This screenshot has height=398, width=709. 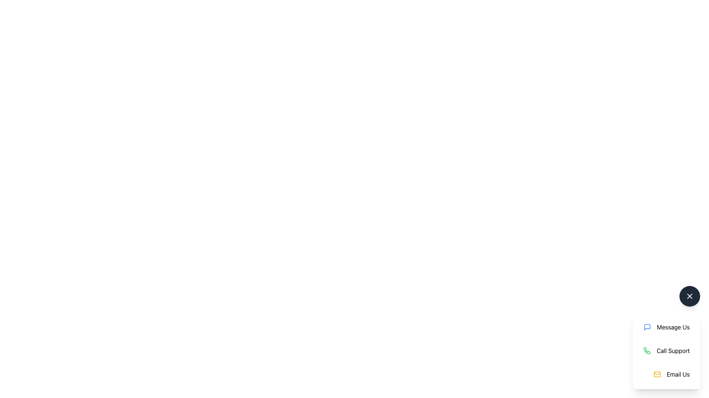 What do you see at coordinates (673, 350) in the screenshot?
I see `the 'Call Support' text label, which is the second item in the vertical menu list located in the bottom-right corner of the interface, right-aligned and positioned next to a green phone icon` at bounding box center [673, 350].